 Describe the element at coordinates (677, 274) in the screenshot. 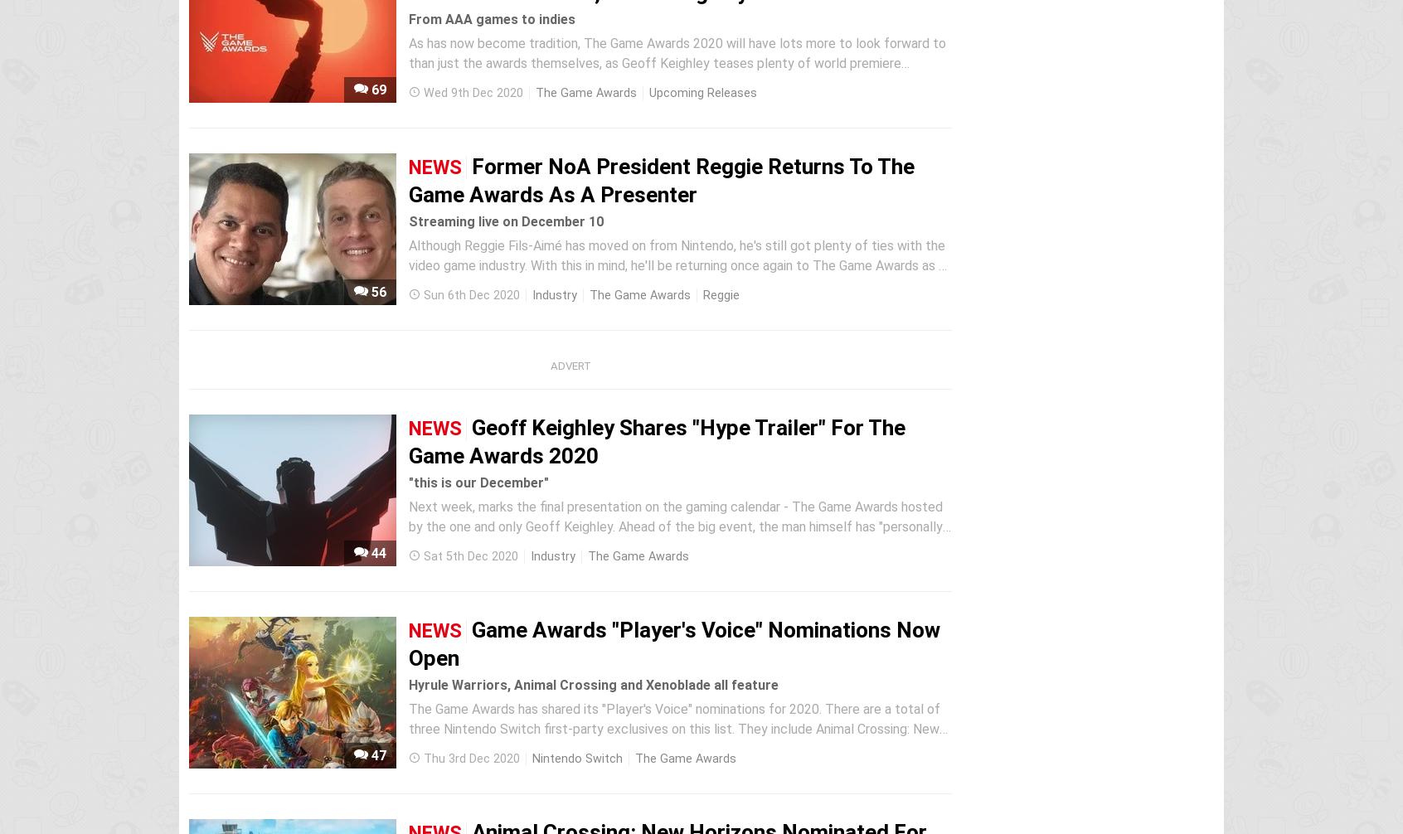

I see `'Although Reggie Fils-Aimé has moved on from Nintendo, he's still got plenty of ties with the video game industry. 
With this in mind, he'll be returning once again to The Game Awards as a presenter. While there's no word on what he'll be presenting, we do know he'll be appearing alongside various other presenters such...'` at that location.